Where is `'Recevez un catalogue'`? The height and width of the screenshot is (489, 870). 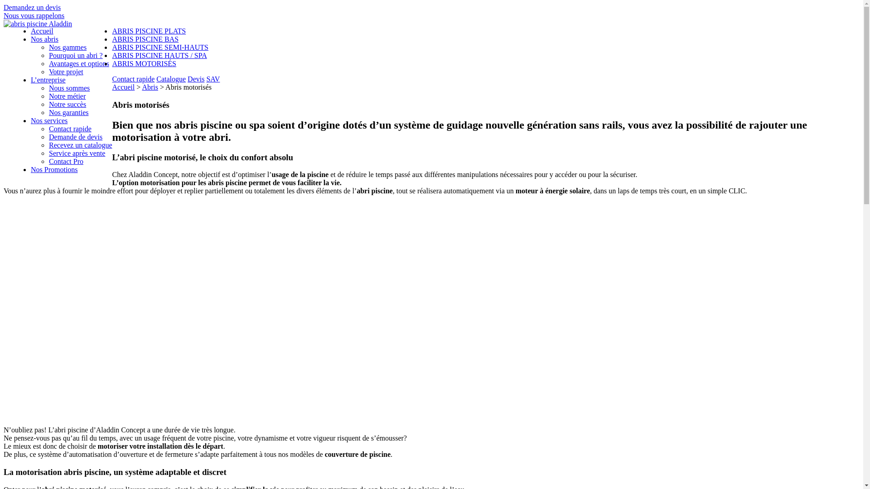
'Recevez un catalogue' is located at coordinates (48, 144).